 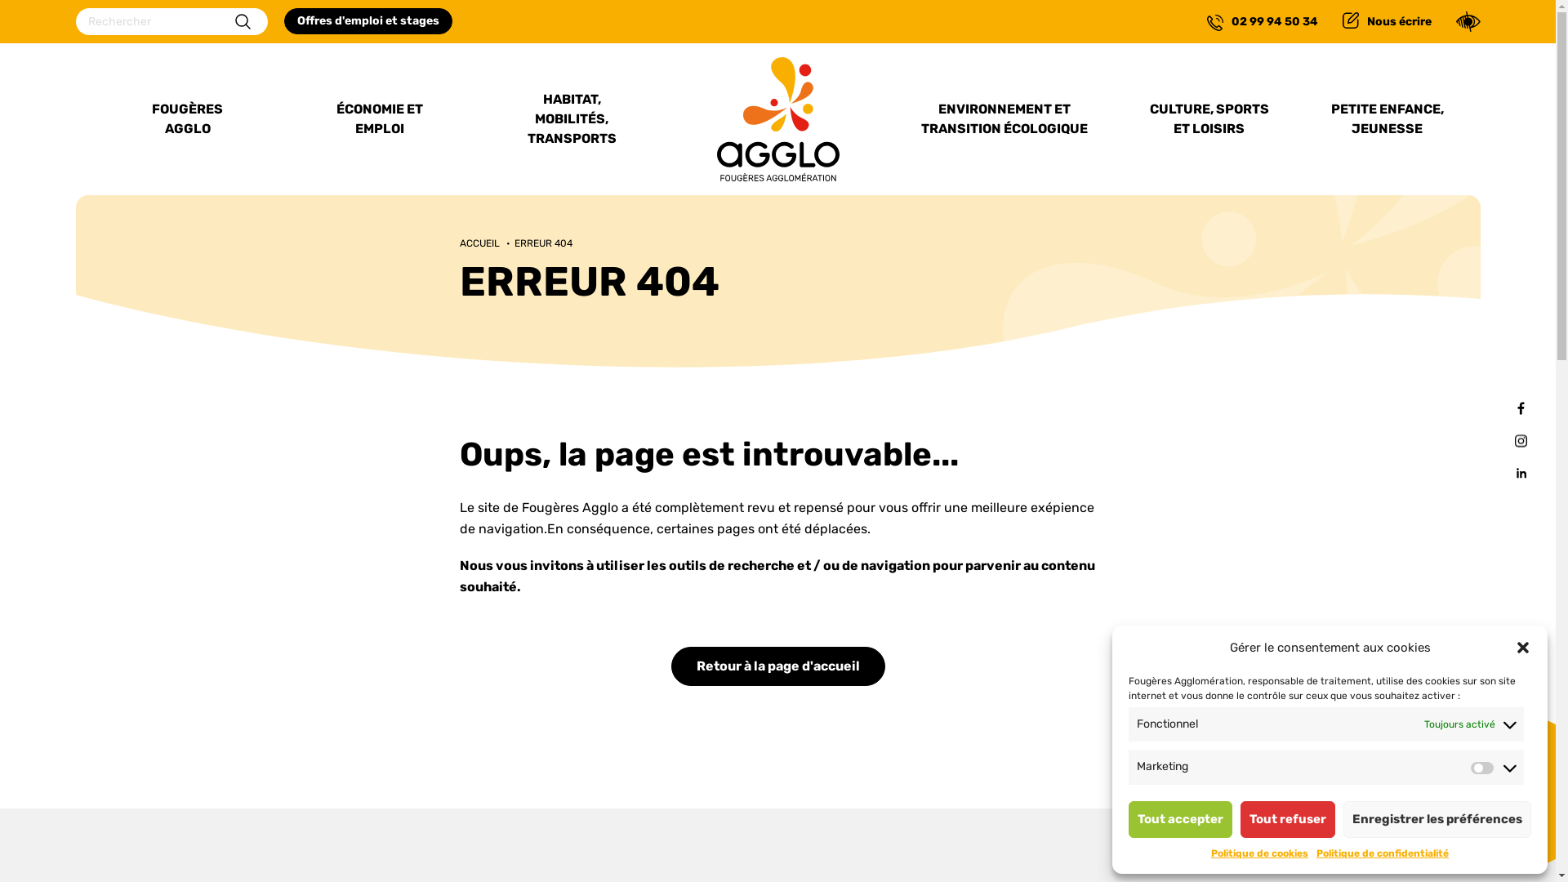 What do you see at coordinates (1258, 853) in the screenshot?
I see `'Politique de cookies'` at bounding box center [1258, 853].